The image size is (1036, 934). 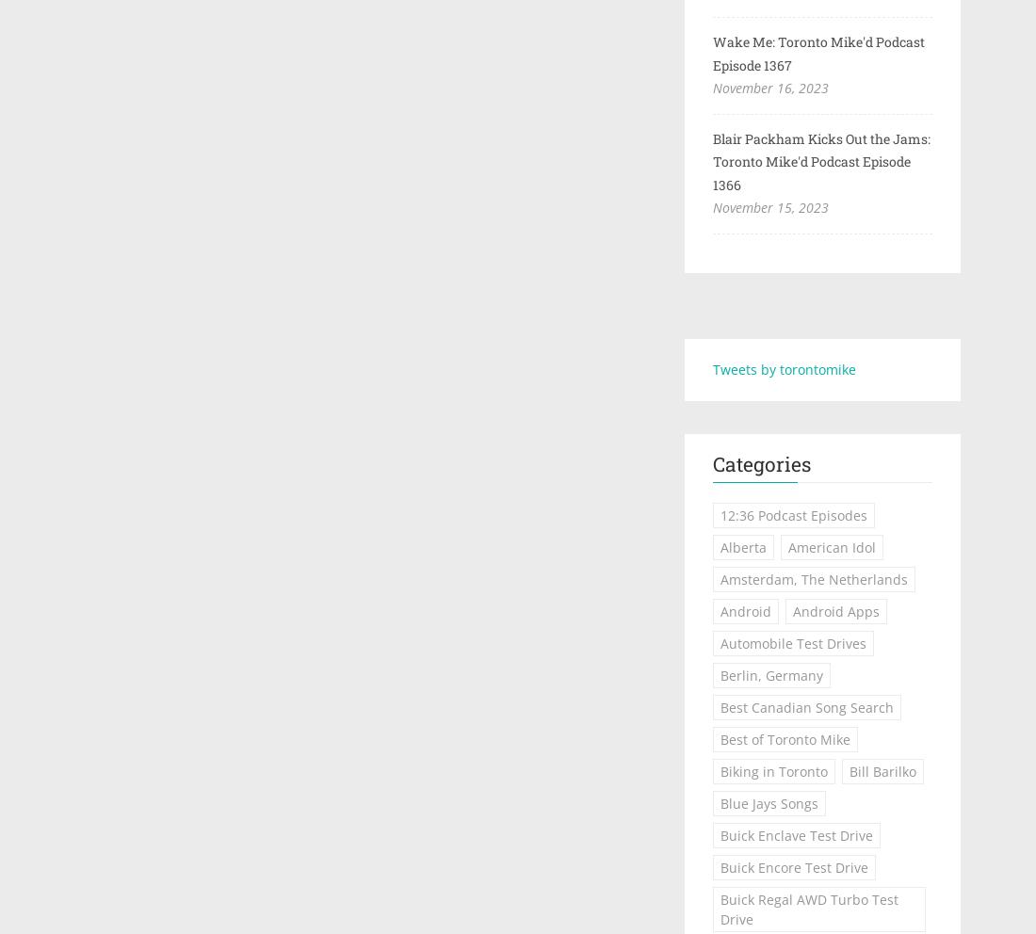 What do you see at coordinates (882, 771) in the screenshot?
I see `'Bill Barilko'` at bounding box center [882, 771].